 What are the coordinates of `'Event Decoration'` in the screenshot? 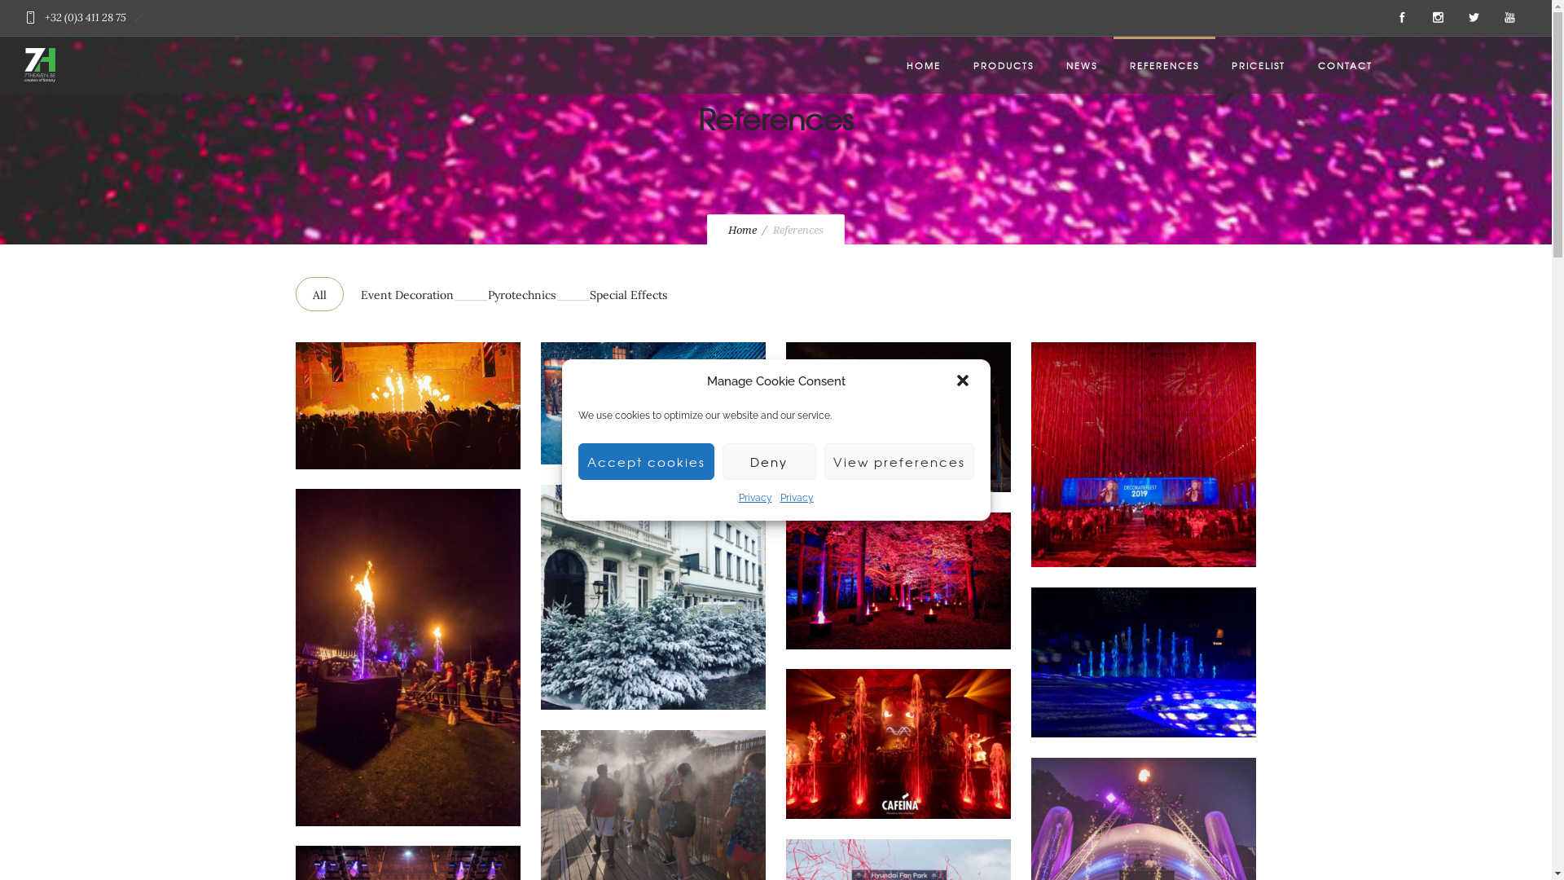 It's located at (406, 294).